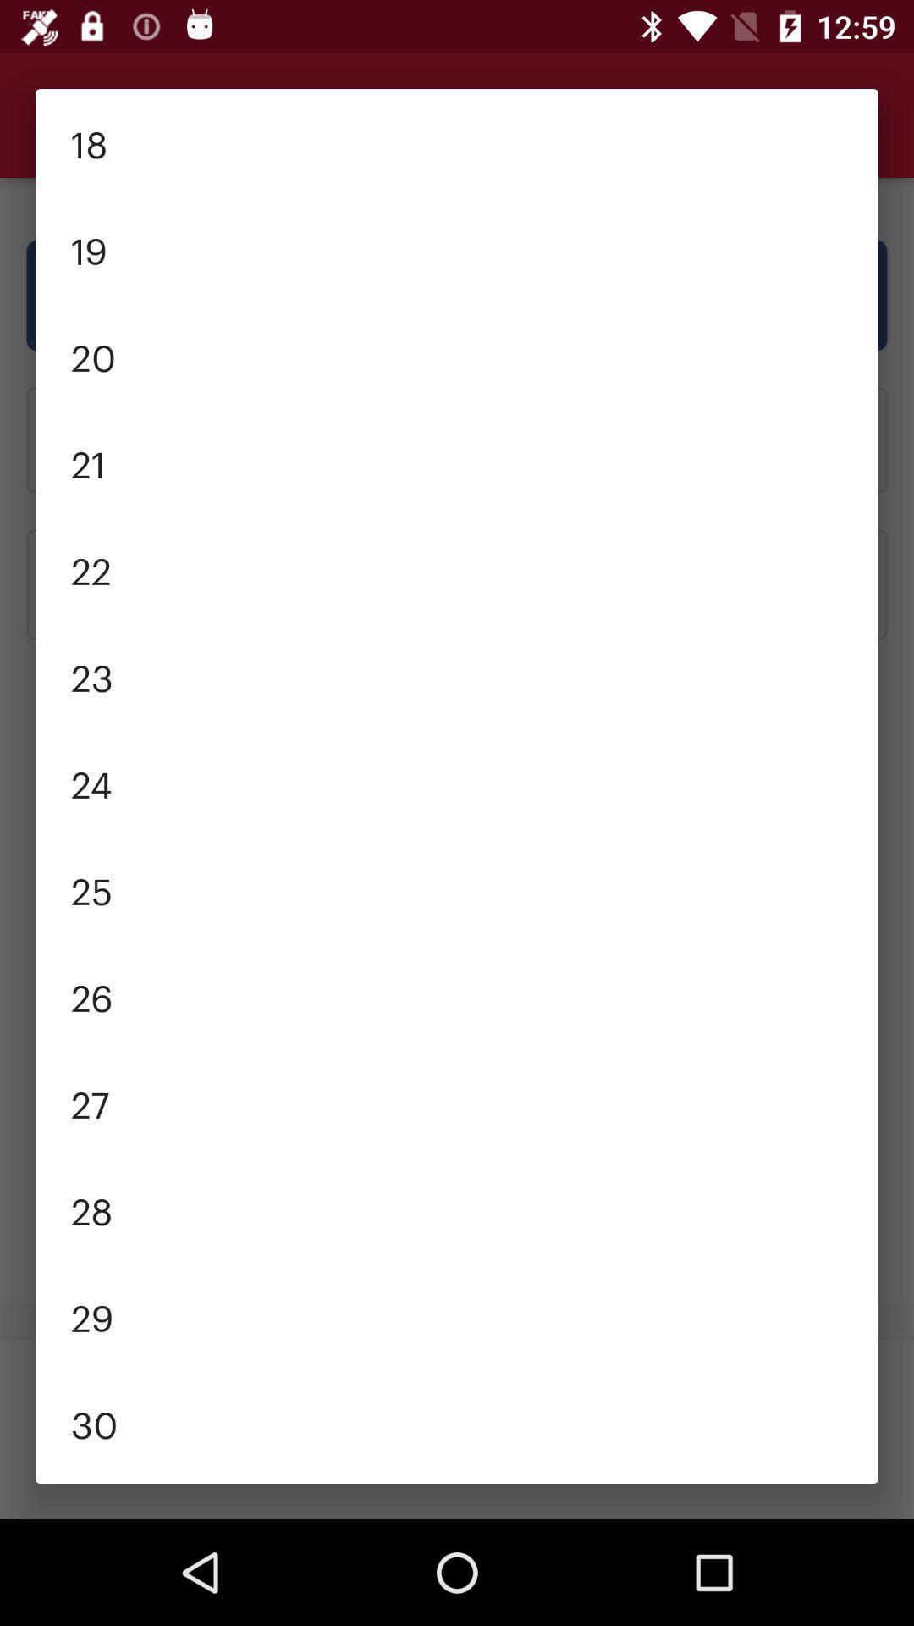  Describe the element at coordinates (457, 674) in the screenshot. I see `the item above 24 icon` at that location.